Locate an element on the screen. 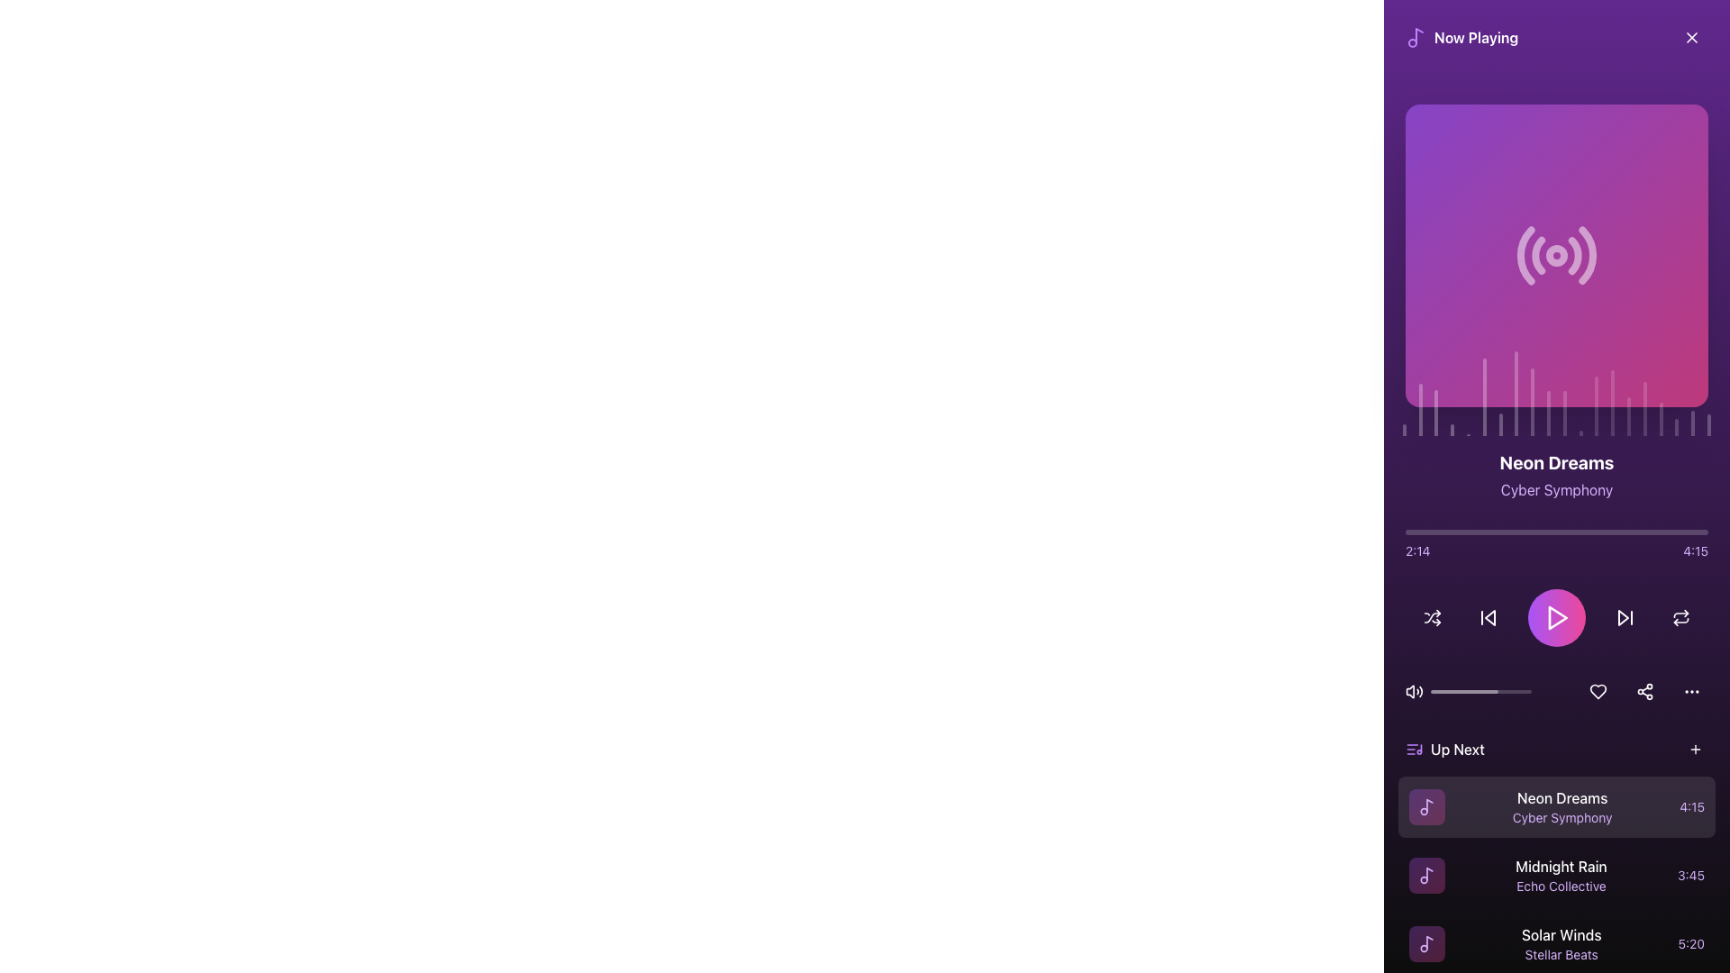  the repeat mode button located at the bottom-right of the interface panel is located at coordinates (1680, 617).